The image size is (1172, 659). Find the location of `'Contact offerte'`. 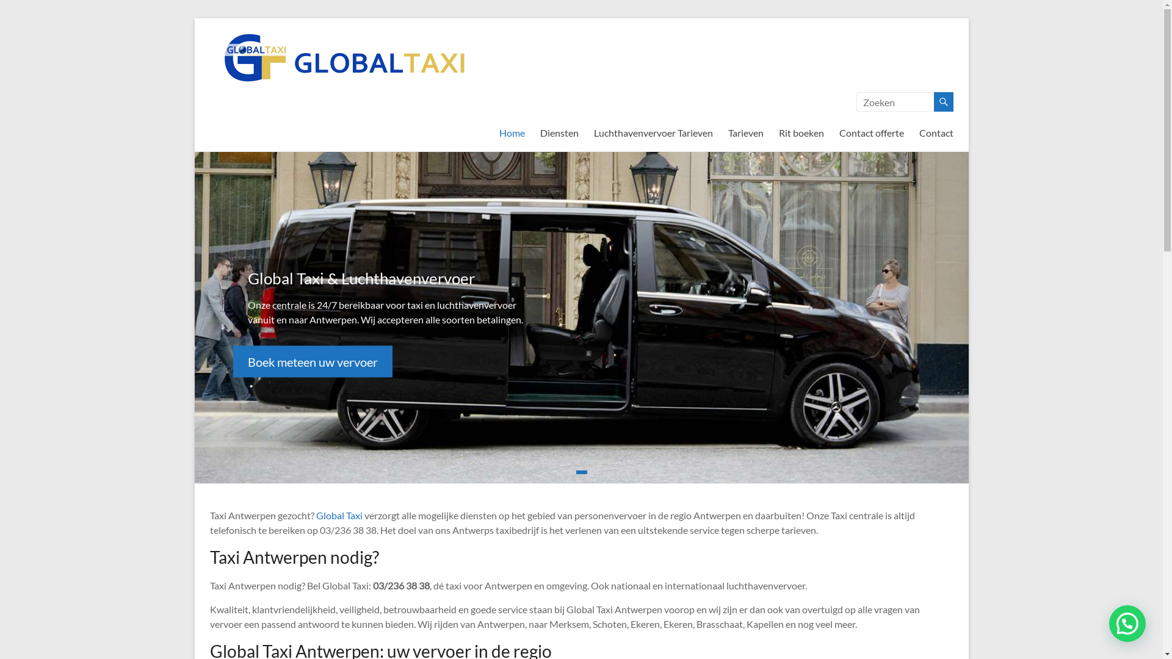

'Contact offerte' is located at coordinates (870, 133).